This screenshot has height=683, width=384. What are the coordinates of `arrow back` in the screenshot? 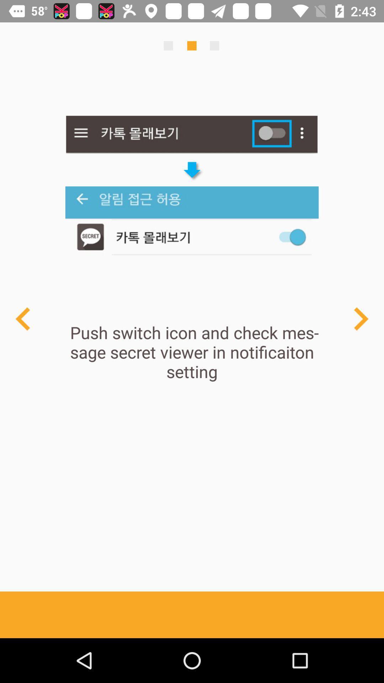 It's located at (23, 318).